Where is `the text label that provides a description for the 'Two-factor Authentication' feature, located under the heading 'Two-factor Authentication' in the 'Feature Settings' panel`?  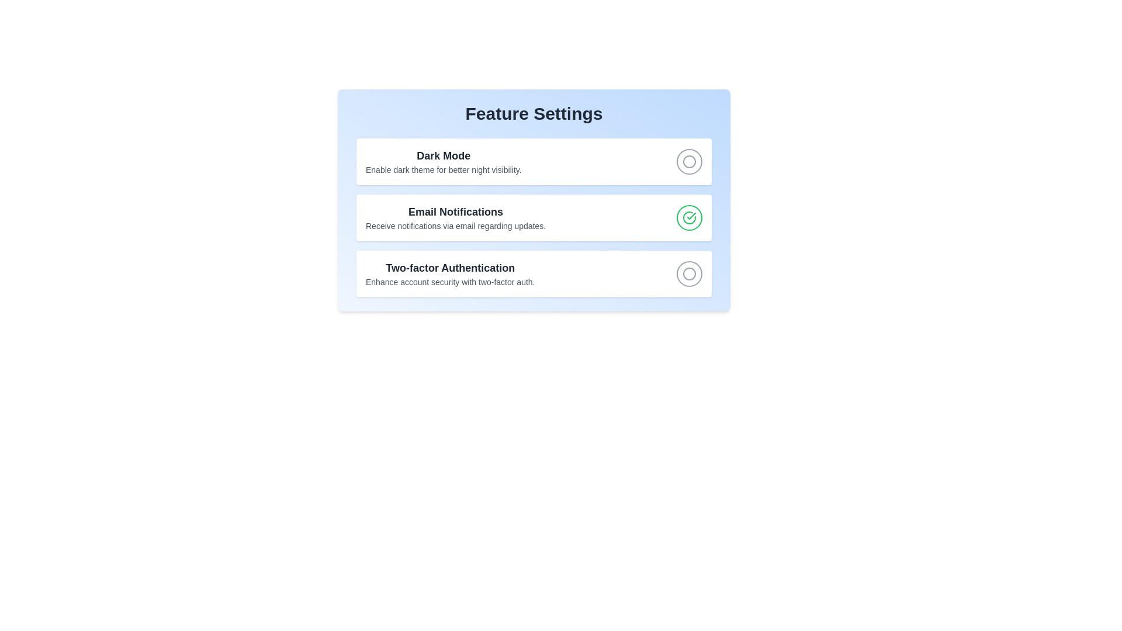 the text label that provides a description for the 'Two-factor Authentication' feature, located under the heading 'Two-factor Authentication' in the 'Feature Settings' panel is located at coordinates (449, 282).